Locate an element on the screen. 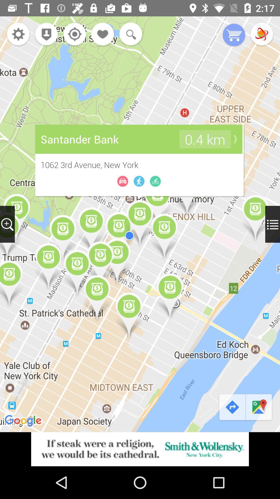  advertisement is located at coordinates (140, 449).